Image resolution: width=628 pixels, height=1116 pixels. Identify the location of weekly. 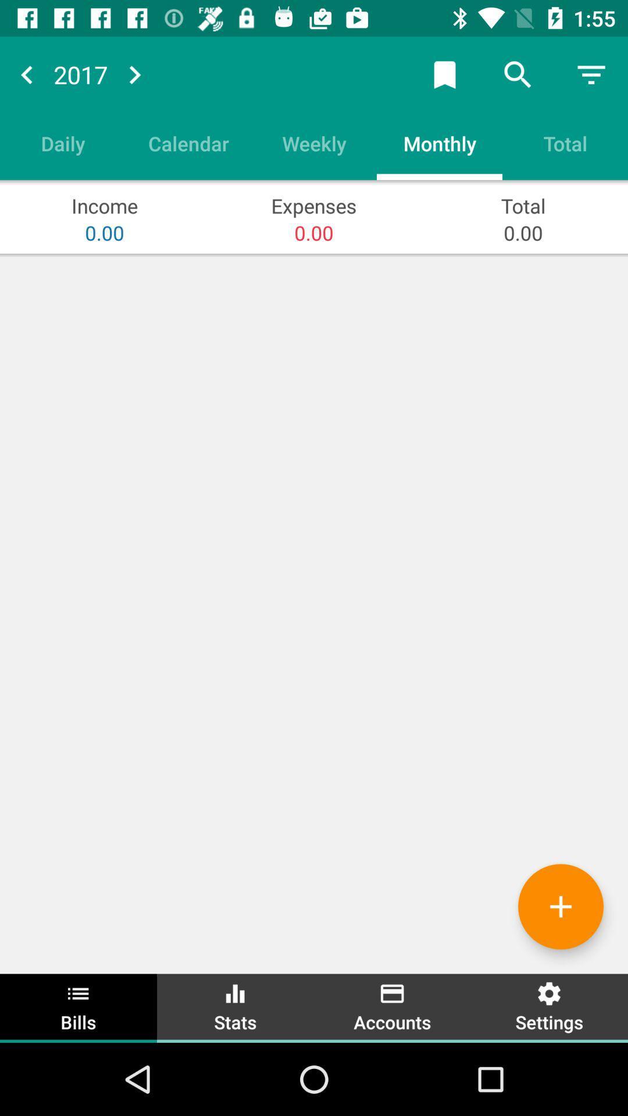
(314, 142).